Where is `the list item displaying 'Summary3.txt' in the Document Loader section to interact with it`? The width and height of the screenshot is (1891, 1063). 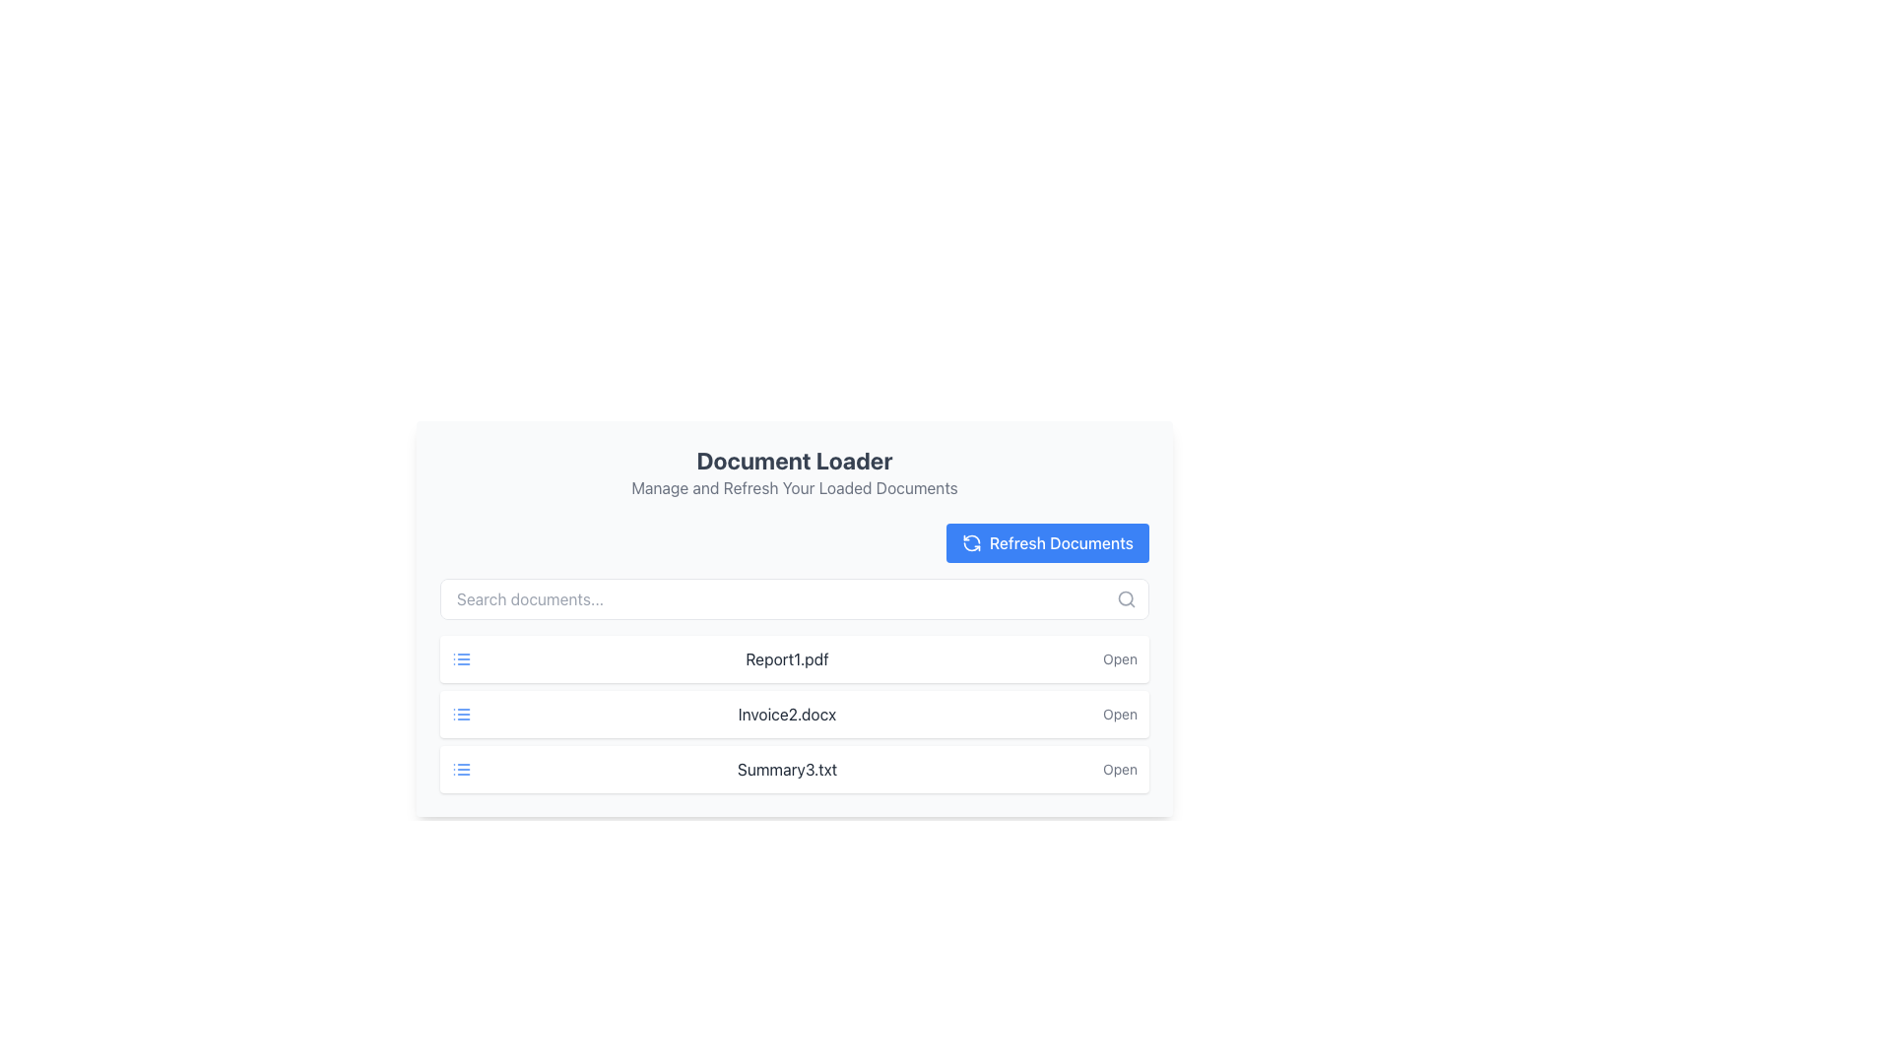 the list item displaying 'Summary3.txt' in the Document Loader section to interact with it is located at coordinates (794, 769).